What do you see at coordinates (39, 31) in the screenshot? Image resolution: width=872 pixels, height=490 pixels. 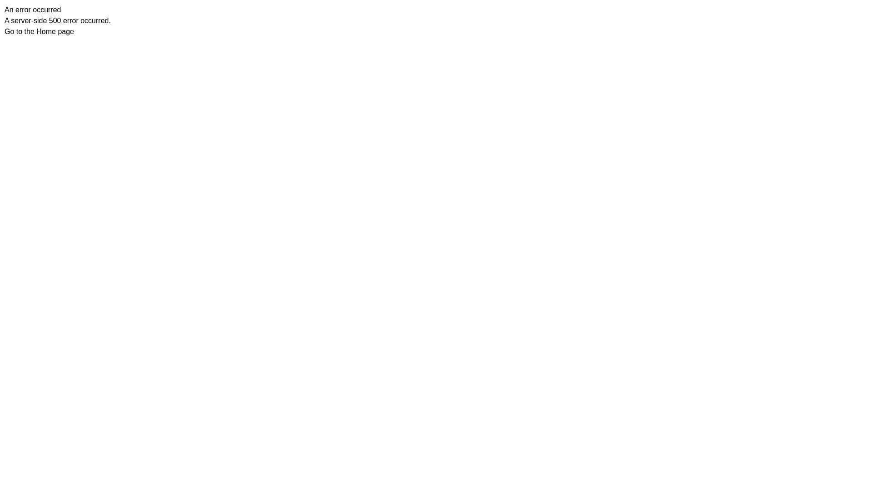 I see `'Go to the Home page'` at bounding box center [39, 31].